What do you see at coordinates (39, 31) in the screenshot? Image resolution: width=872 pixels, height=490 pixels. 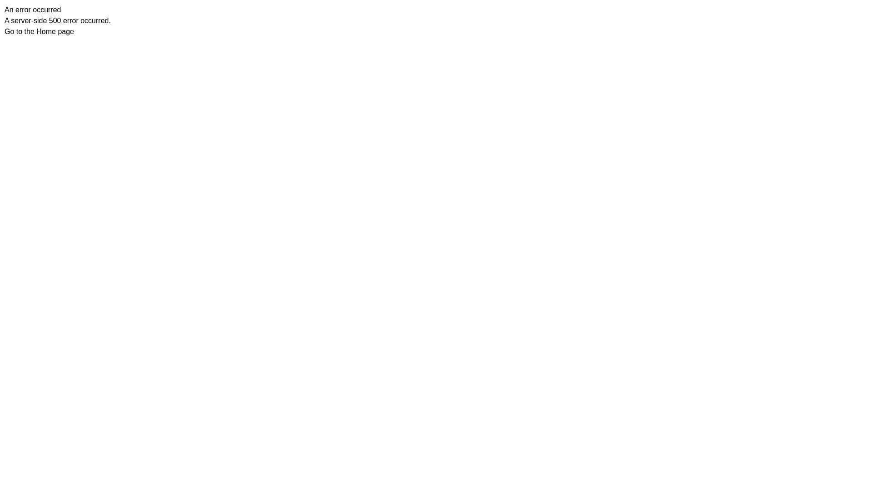 I see `'Go to the Home page'` at bounding box center [39, 31].